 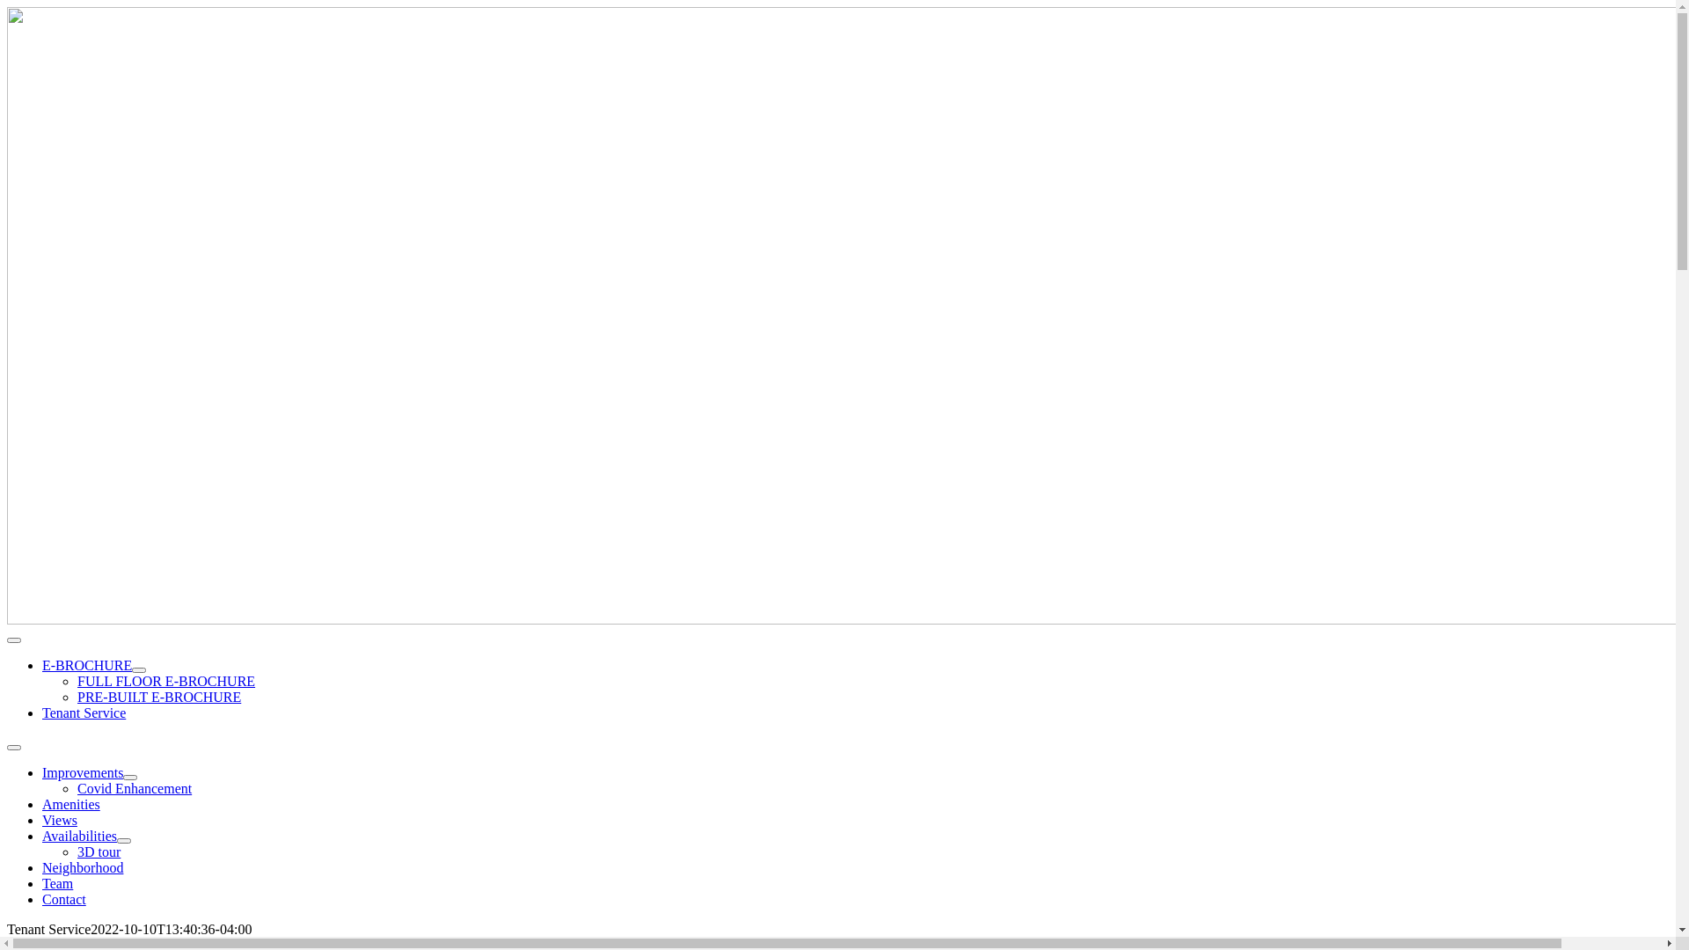 I want to click on 'Contact', so click(x=63, y=899).